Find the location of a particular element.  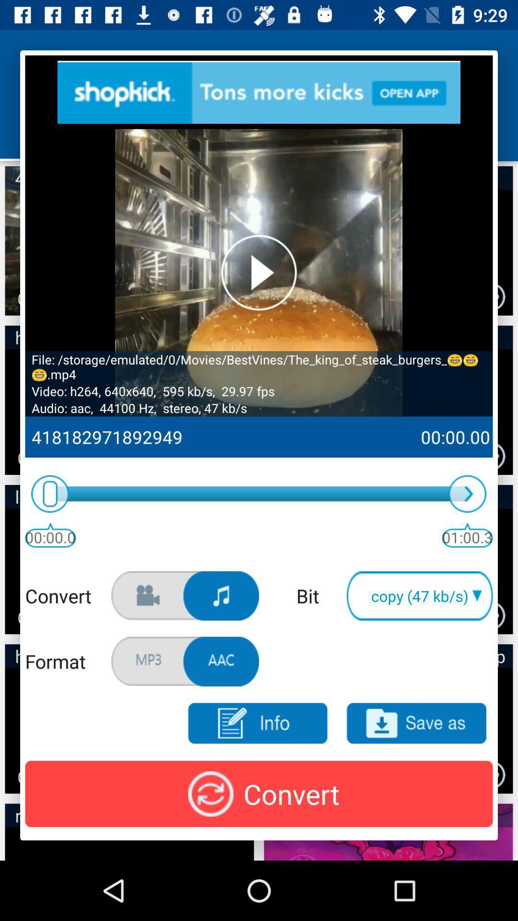

click music option is located at coordinates (221, 595).